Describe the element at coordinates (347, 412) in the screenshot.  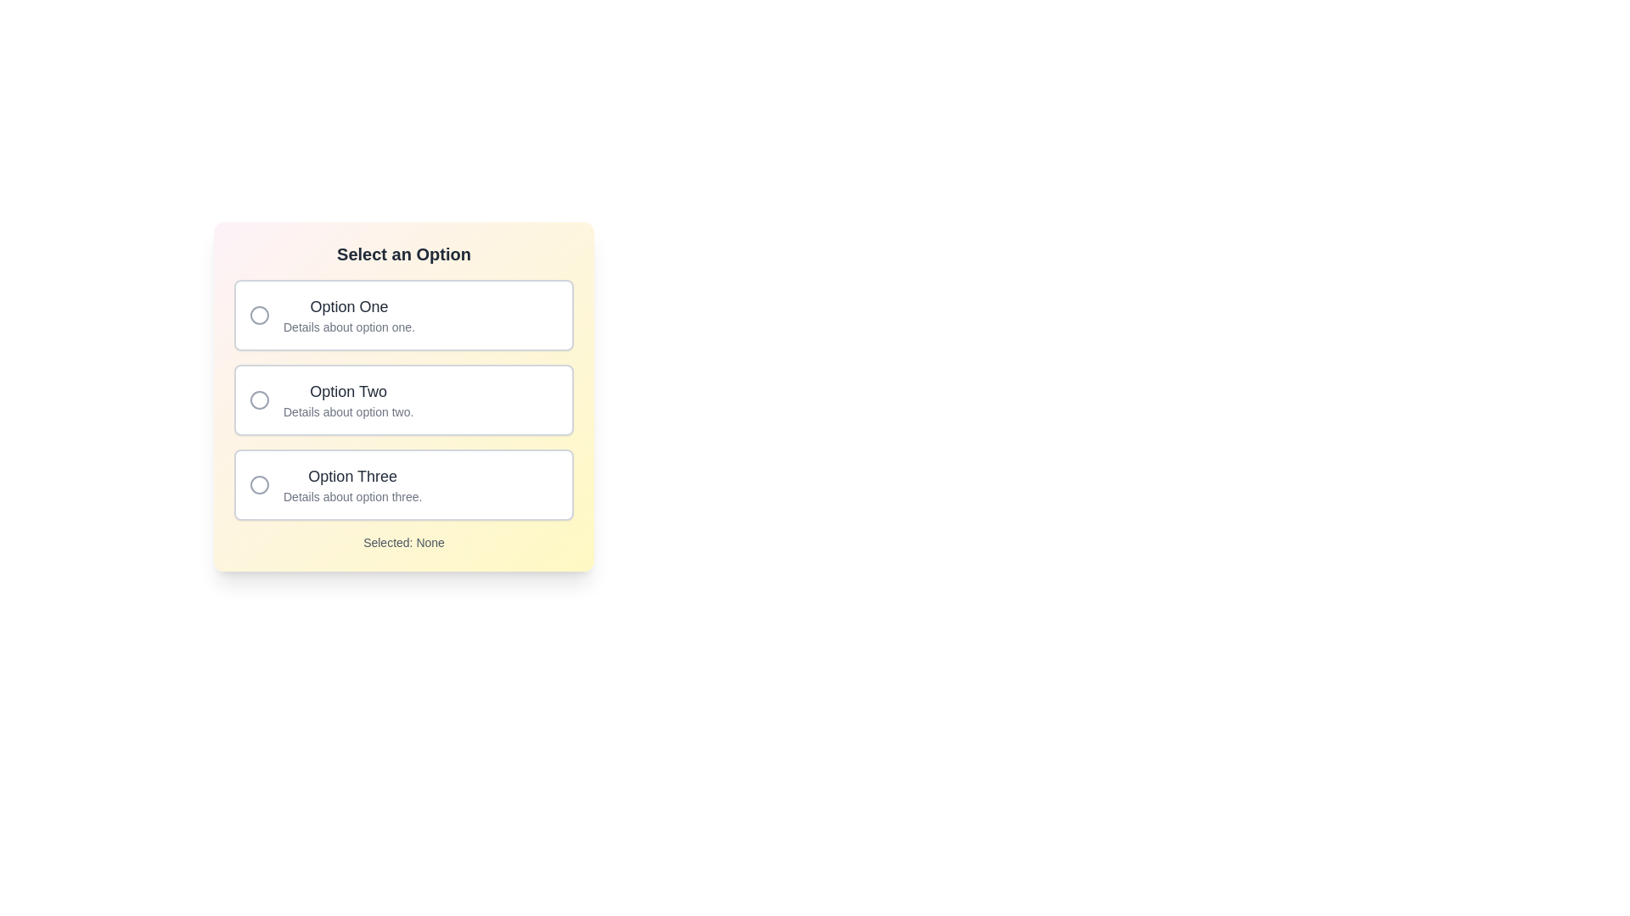
I see `the text element that reads 'Details about option two.', which is located below the label 'Option Two' within its selection box` at that location.